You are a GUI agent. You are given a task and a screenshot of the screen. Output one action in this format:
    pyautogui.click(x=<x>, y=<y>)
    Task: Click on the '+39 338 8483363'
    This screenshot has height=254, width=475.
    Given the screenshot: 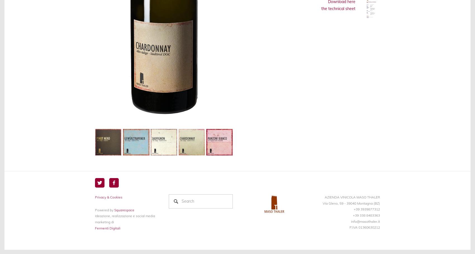 What is the action you would take?
    pyautogui.click(x=366, y=215)
    